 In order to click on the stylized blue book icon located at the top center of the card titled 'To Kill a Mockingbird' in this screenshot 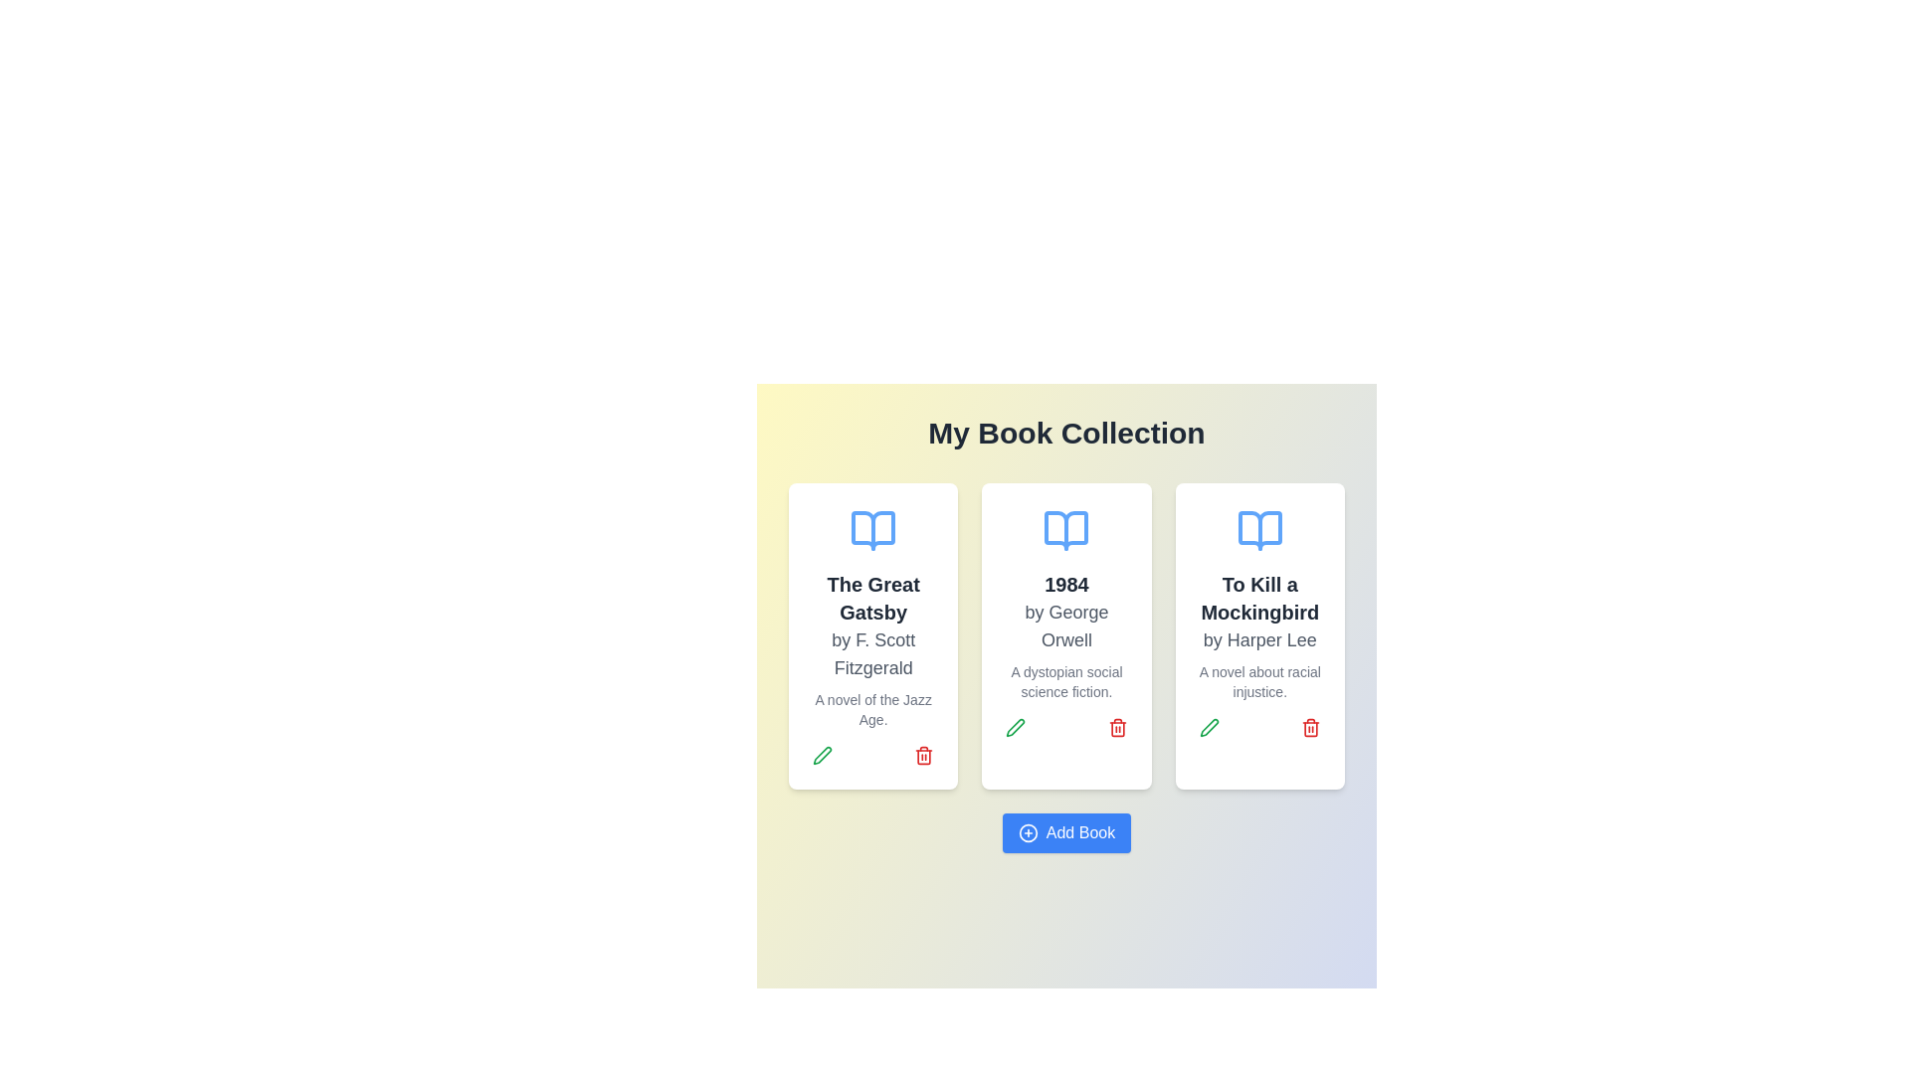, I will do `click(1258, 529)`.